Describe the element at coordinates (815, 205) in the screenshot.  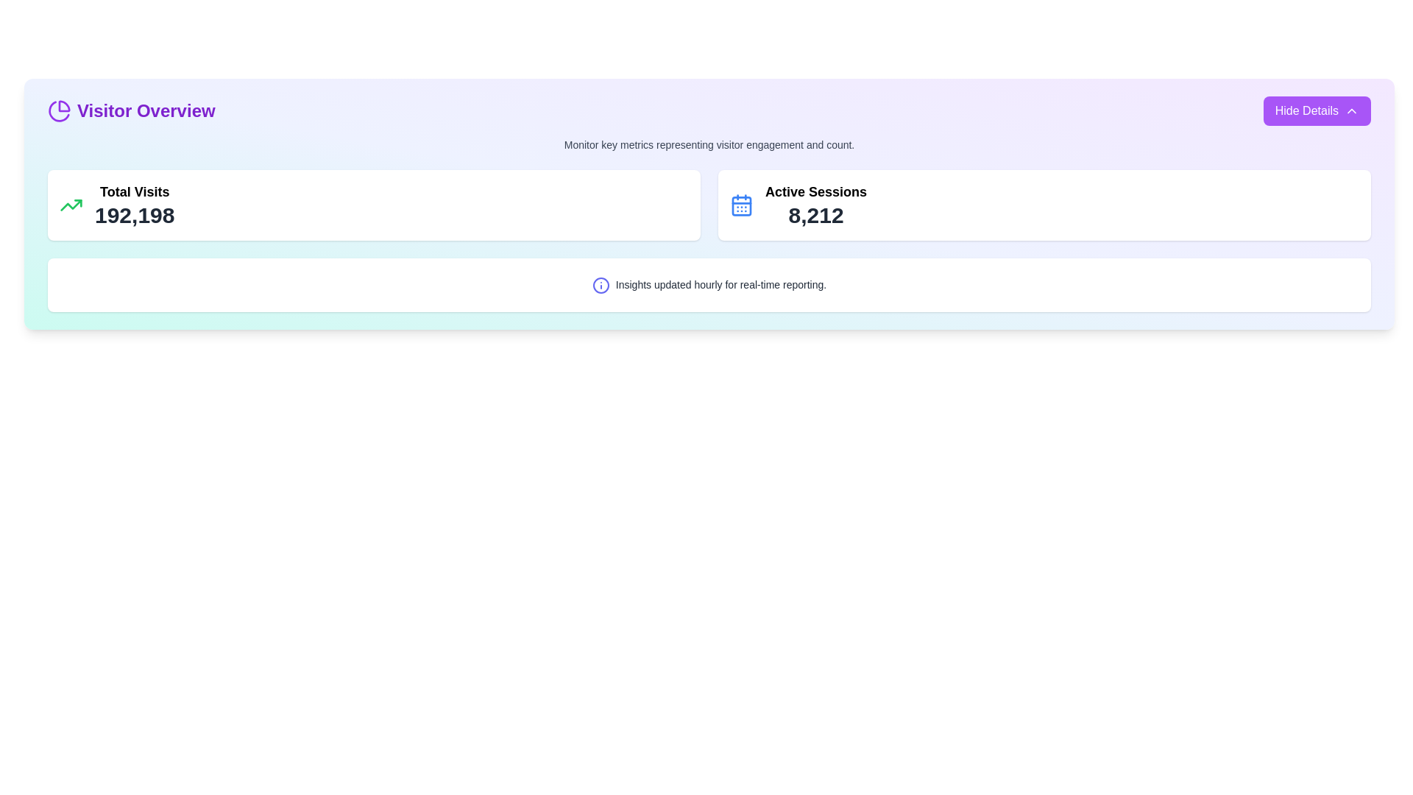
I see `the Static Text Display element that shows 'Active Sessions' with the numeric data '8,212' in a larger bold gray font` at that location.